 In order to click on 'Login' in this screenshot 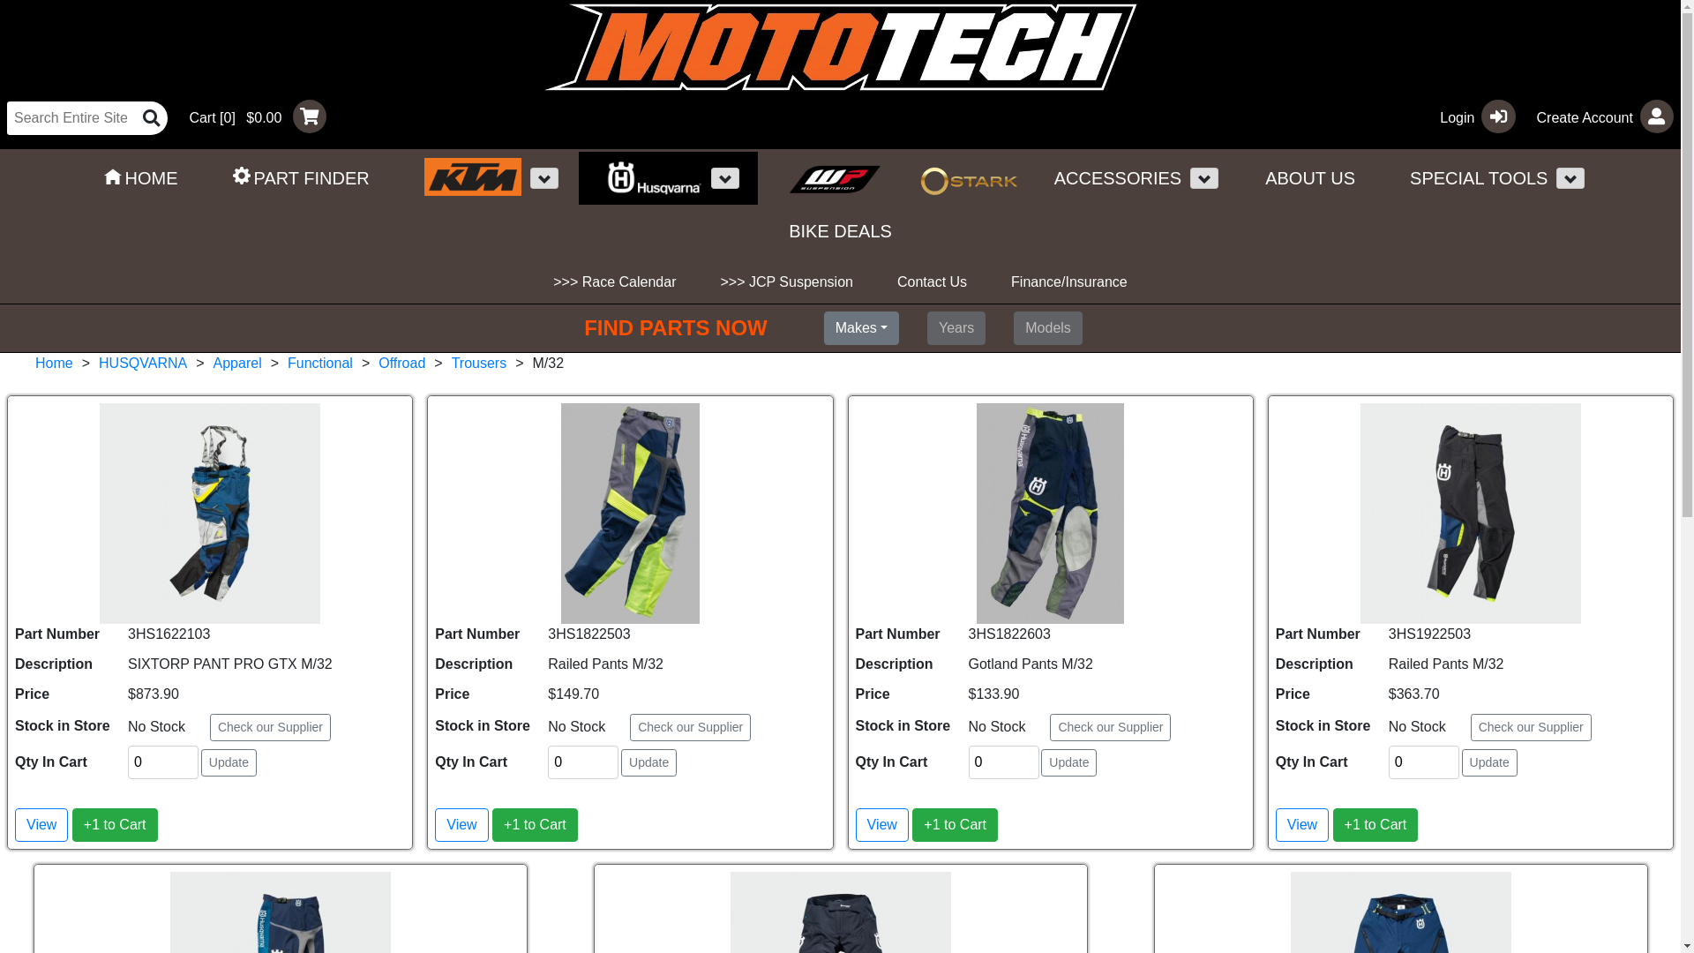, I will do `click(1470, 116)`.